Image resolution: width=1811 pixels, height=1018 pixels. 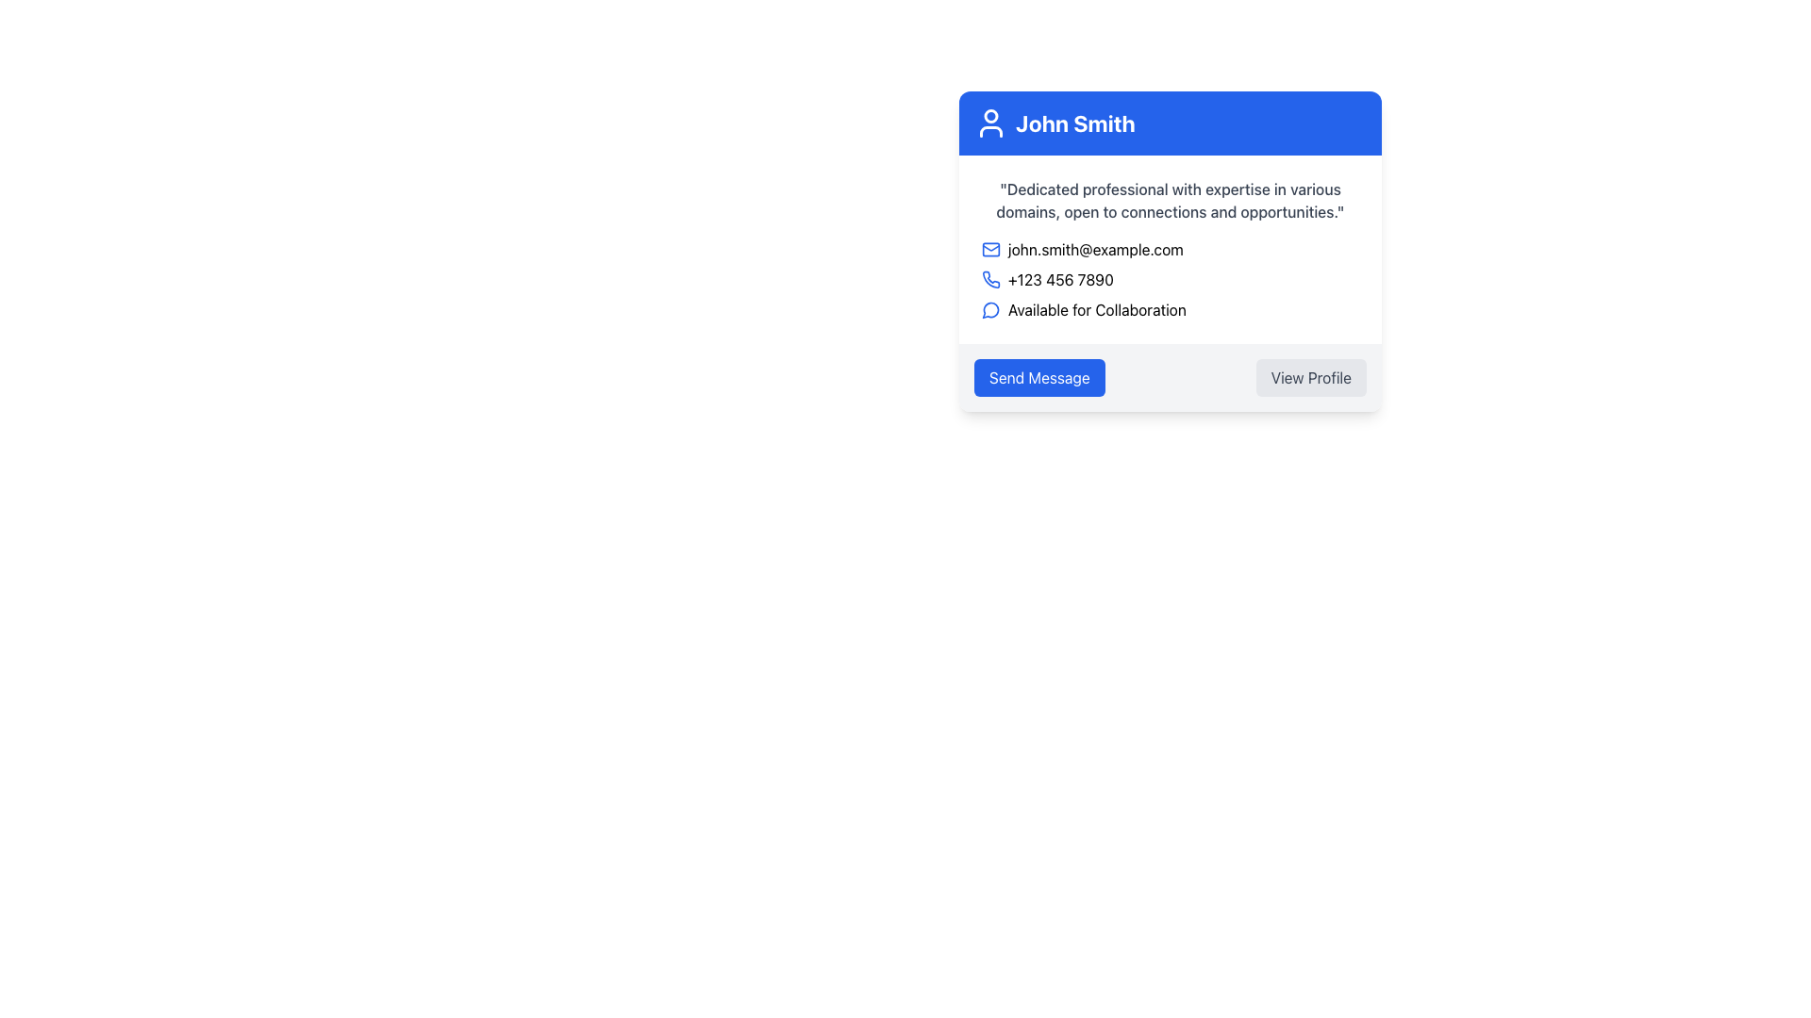 I want to click on the blue phone icon, which is styled as an outline of a handset and located to the left of the phone number '+123 456 7890', so click(x=990, y=280).